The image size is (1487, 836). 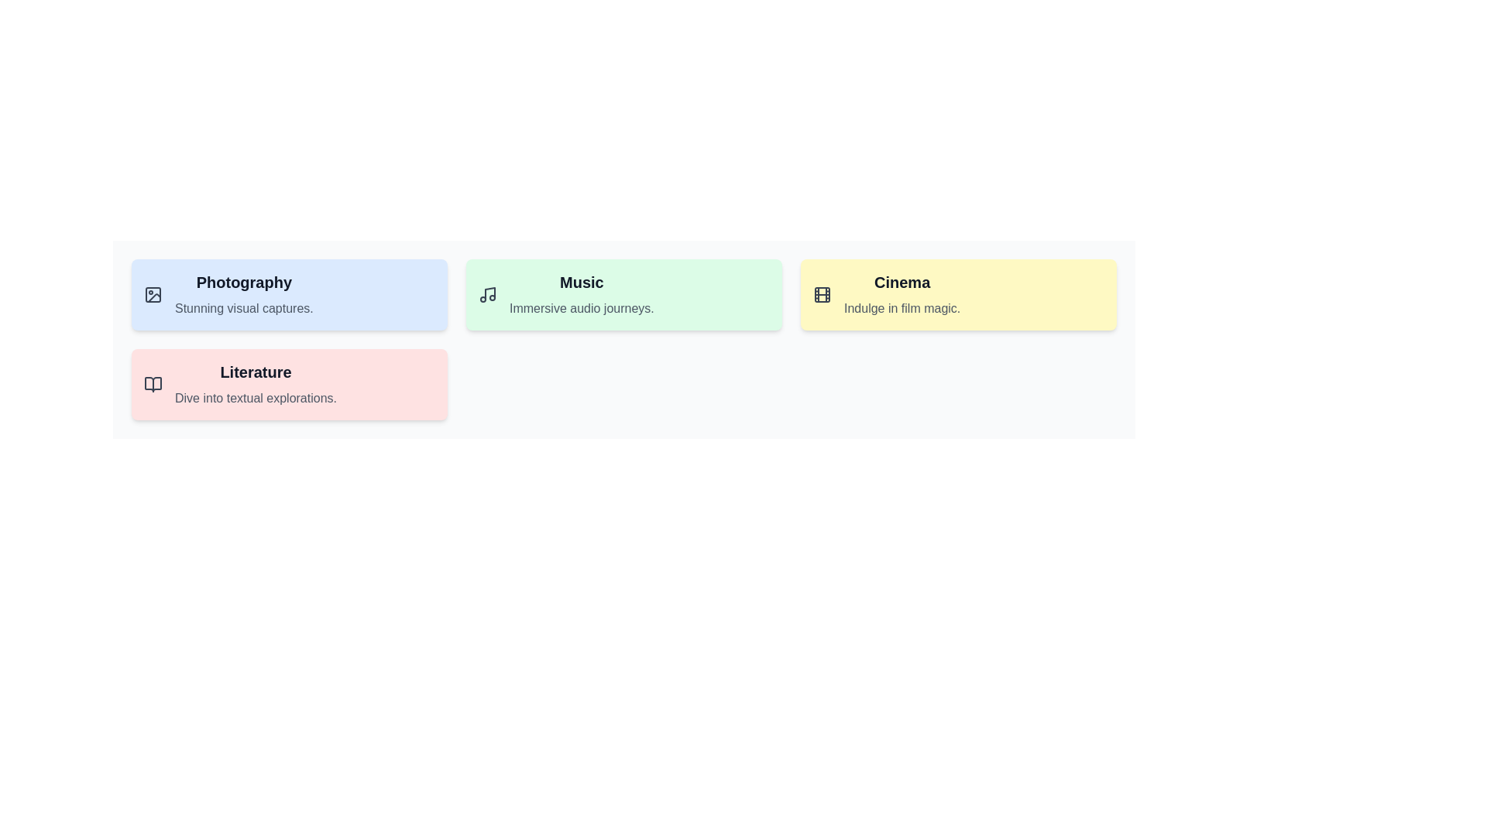 What do you see at coordinates (902, 283) in the screenshot?
I see `heading text displaying the word 'Cinema', which is bold and large, styled in dark color on a light yellow background, located in the top-right part of the interface` at bounding box center [902, 283].